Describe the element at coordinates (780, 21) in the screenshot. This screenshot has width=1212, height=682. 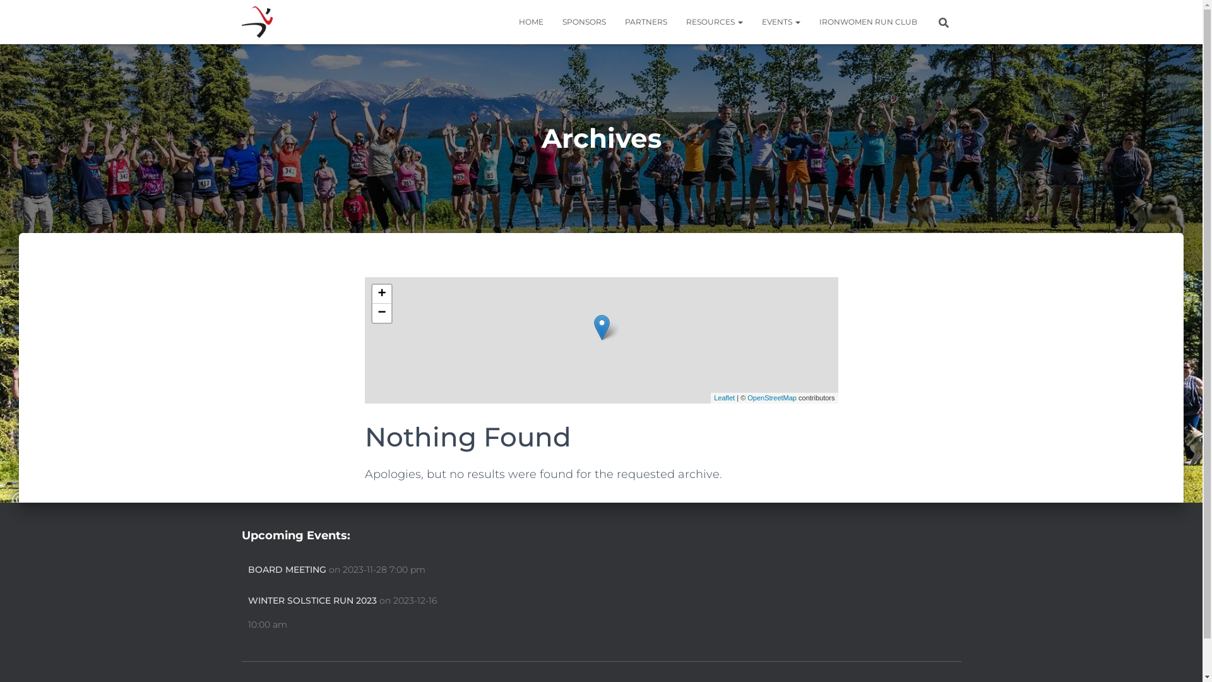
I see `'EVENTS'` at that location.